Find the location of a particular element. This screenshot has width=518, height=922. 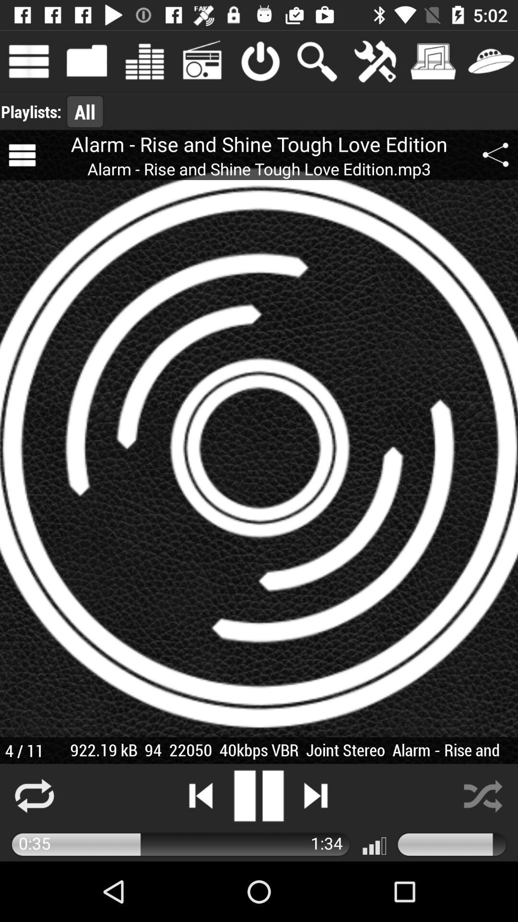

the skip_next icon is located at coordinates (316, 796).